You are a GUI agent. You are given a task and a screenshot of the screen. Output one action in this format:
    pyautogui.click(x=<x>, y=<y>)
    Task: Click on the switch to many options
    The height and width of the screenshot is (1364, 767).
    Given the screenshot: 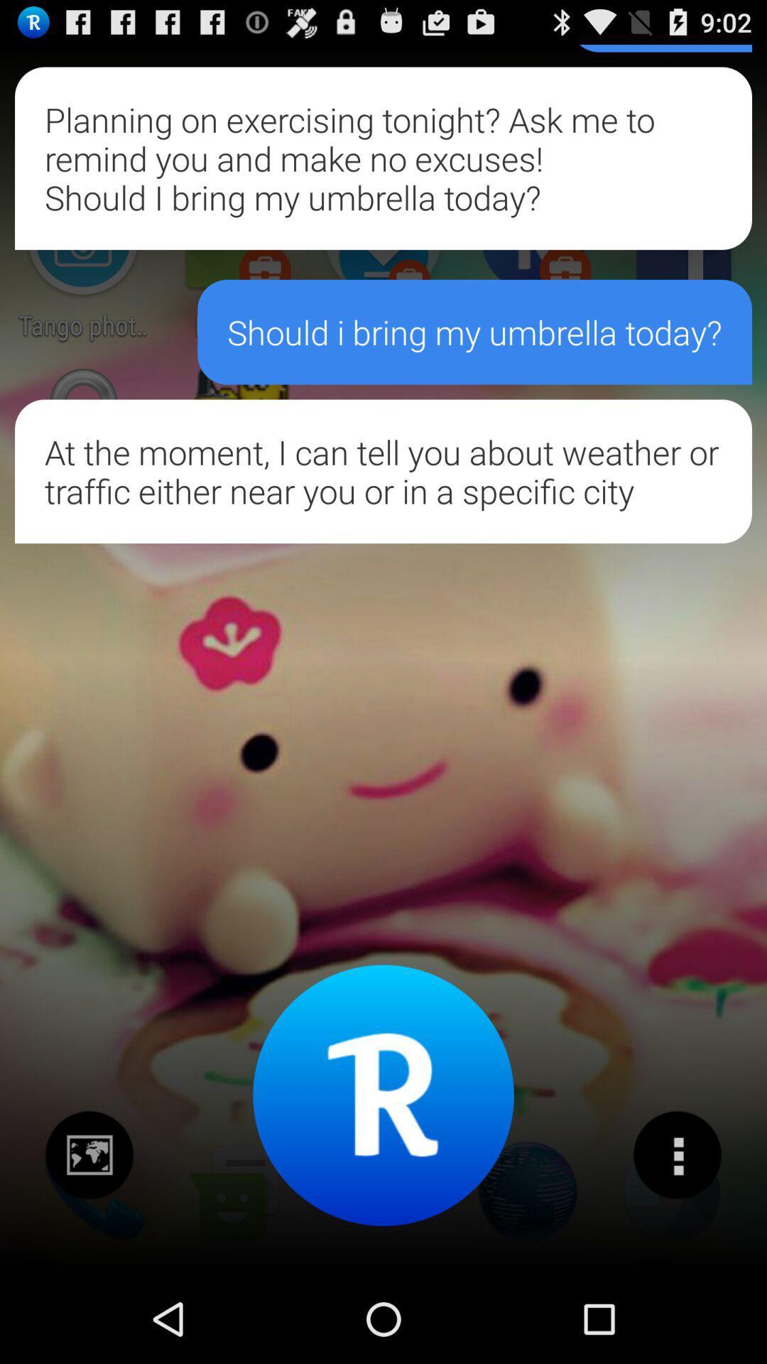 What is the action you would take?
    pyautogui.click(x=676, y=1155)
    